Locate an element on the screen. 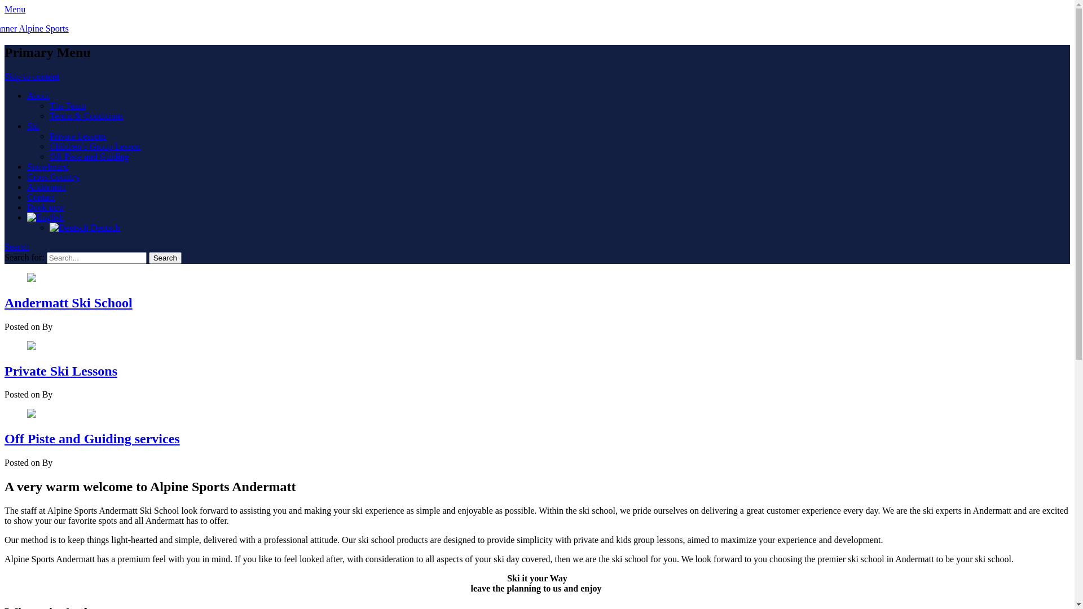 The width and height of the screenshot is (1083, 609). 'Terms & Conditions' is located at coordinates (86, 116).